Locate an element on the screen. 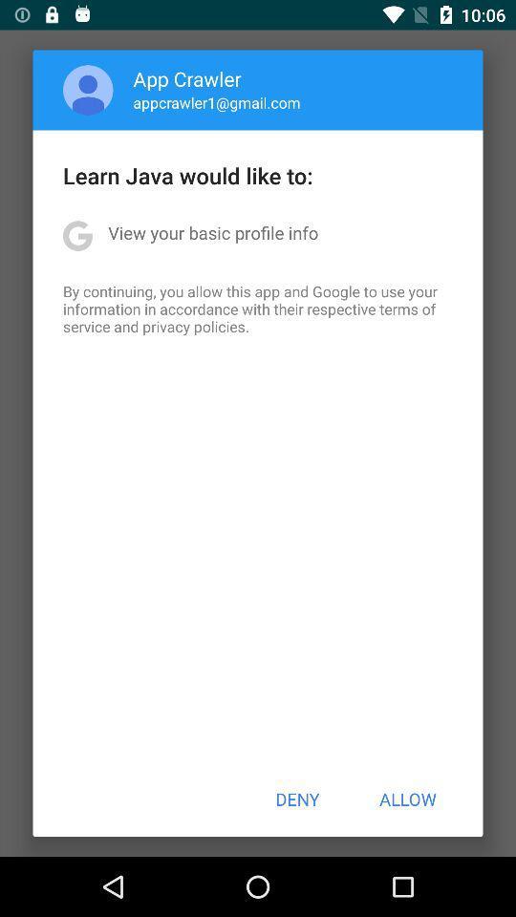 This screenshot has width=516, height=917. icon next to the app crawler app is located at coordinates (87, 90).